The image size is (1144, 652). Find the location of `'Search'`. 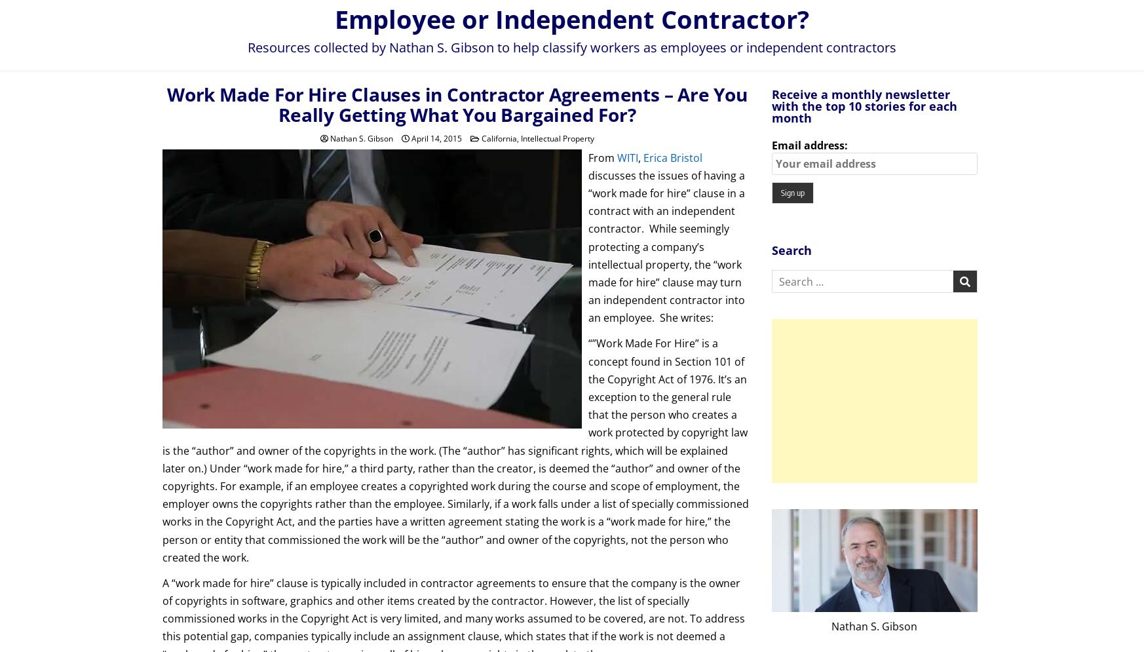

'Search' is located at coordinates (772, 249).